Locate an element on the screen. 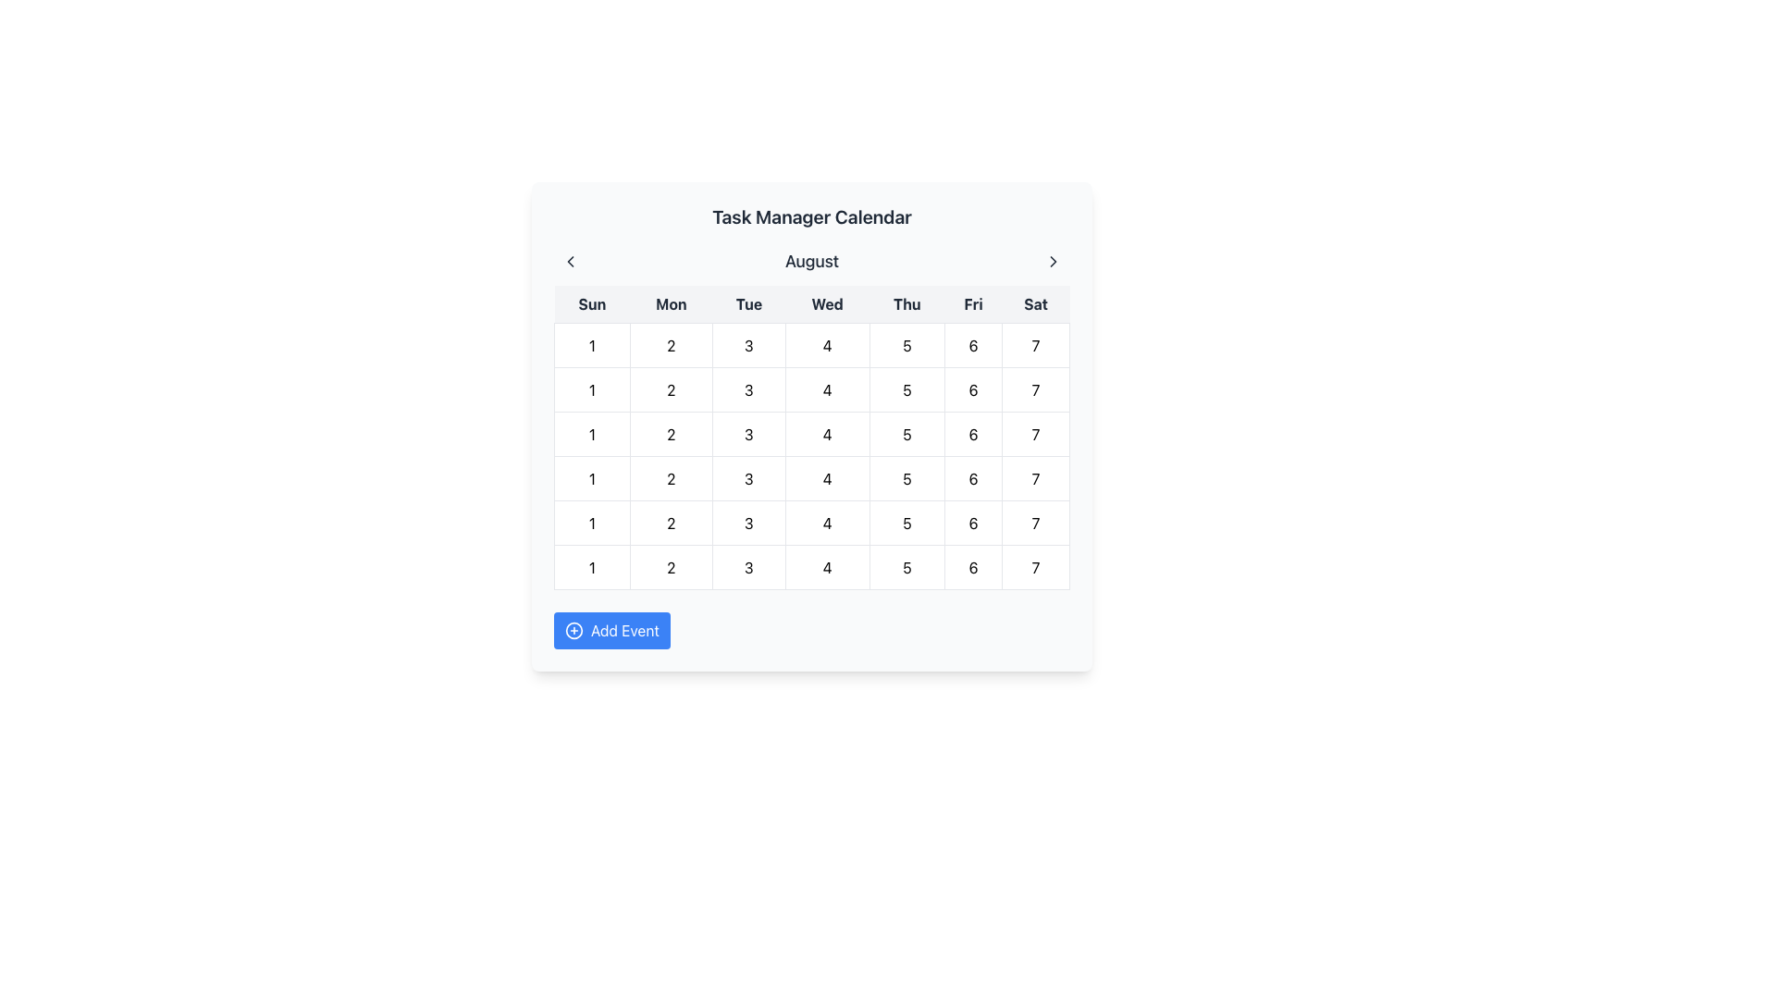 The width and height of the screenshot is (1776, 999). the calendar day cell displaying the number '3' is located at coordinates (748, 434).